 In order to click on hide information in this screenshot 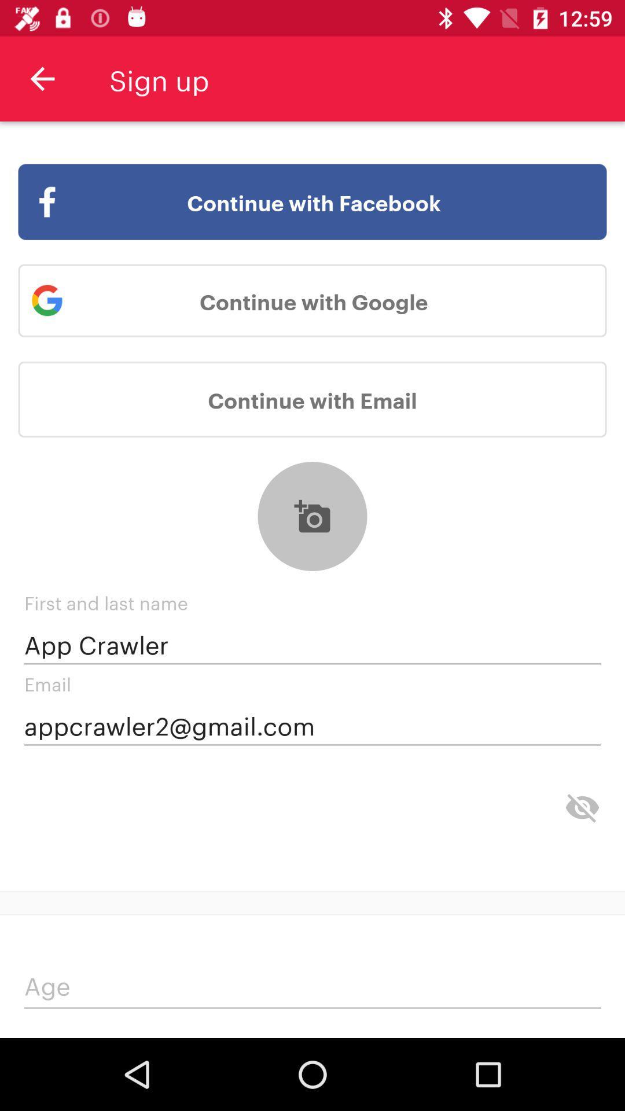, I will do `click(582, 807)`.